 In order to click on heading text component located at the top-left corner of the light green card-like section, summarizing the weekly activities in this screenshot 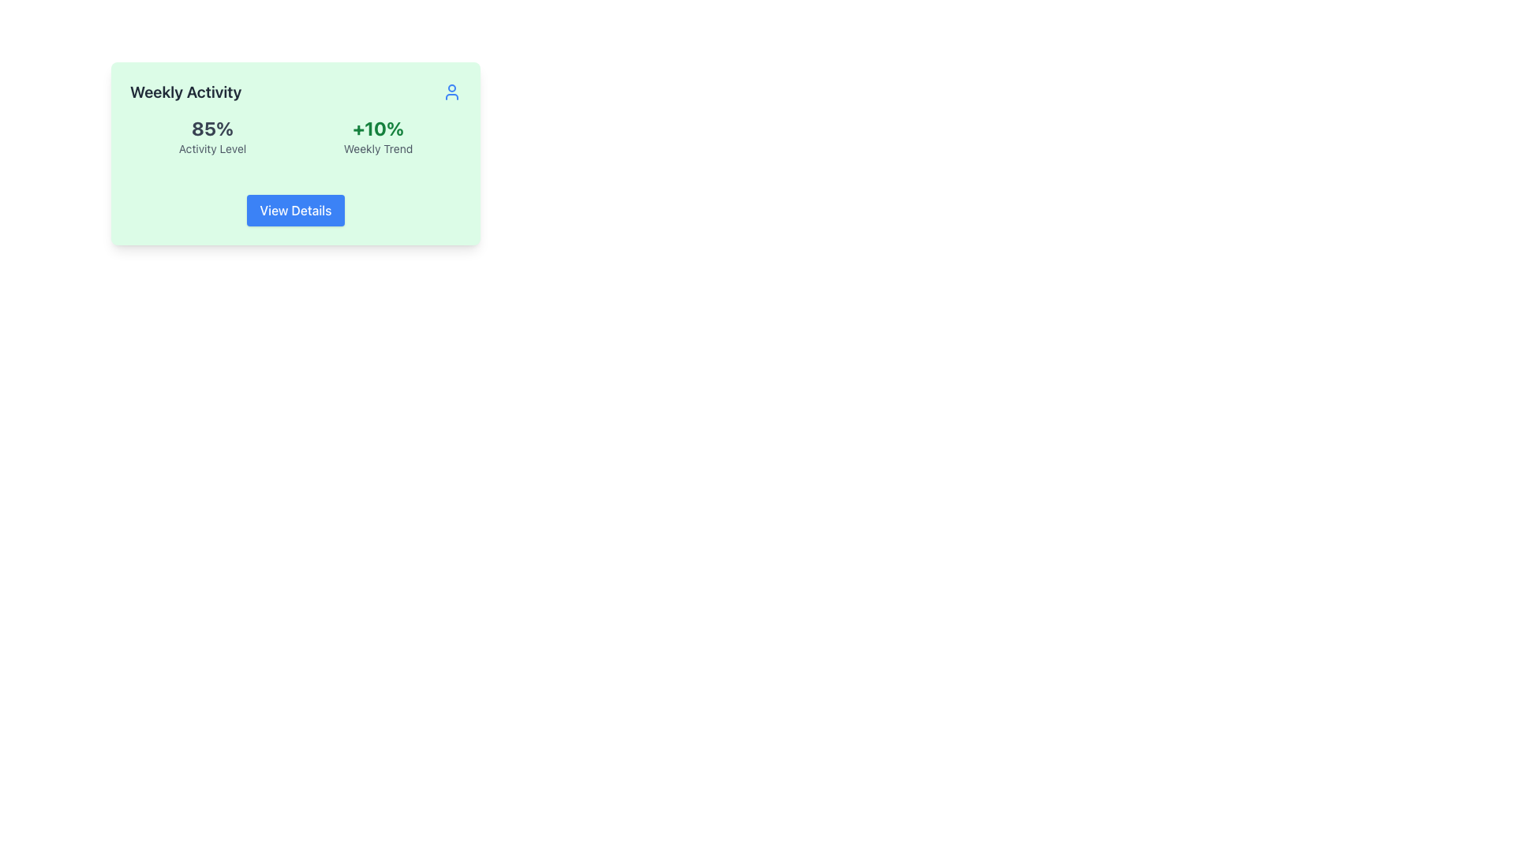, I will do `click(185, 92)`.